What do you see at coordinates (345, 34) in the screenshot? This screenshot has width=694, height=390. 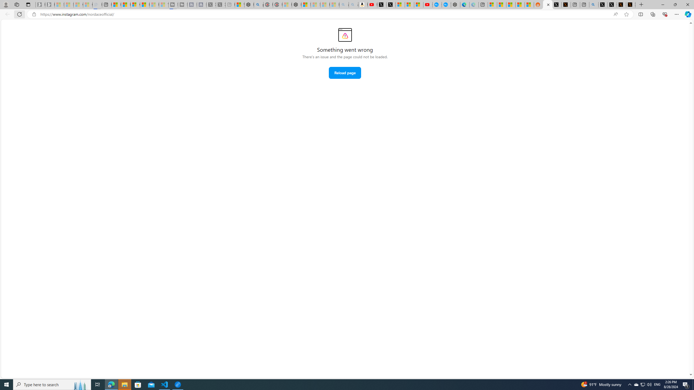 I see `'Error'` at bounding box center [345, 34].